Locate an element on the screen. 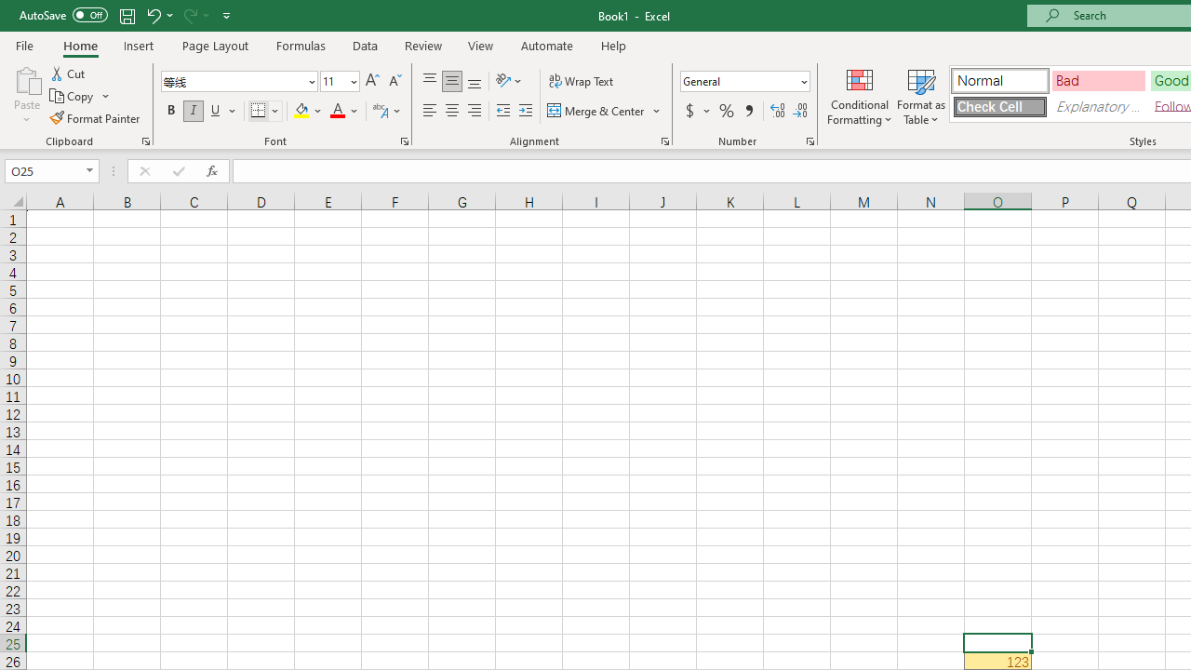 This screenshot has width=1191, height=670. 'Bad' is located at coordinates (1098, 79).